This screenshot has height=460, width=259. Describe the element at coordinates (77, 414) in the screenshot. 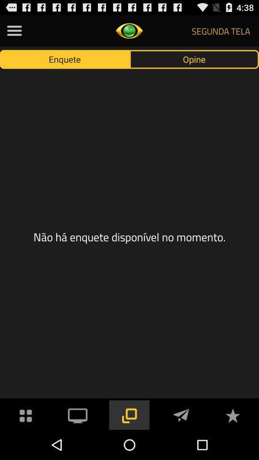

I see `opens video section` at that location.